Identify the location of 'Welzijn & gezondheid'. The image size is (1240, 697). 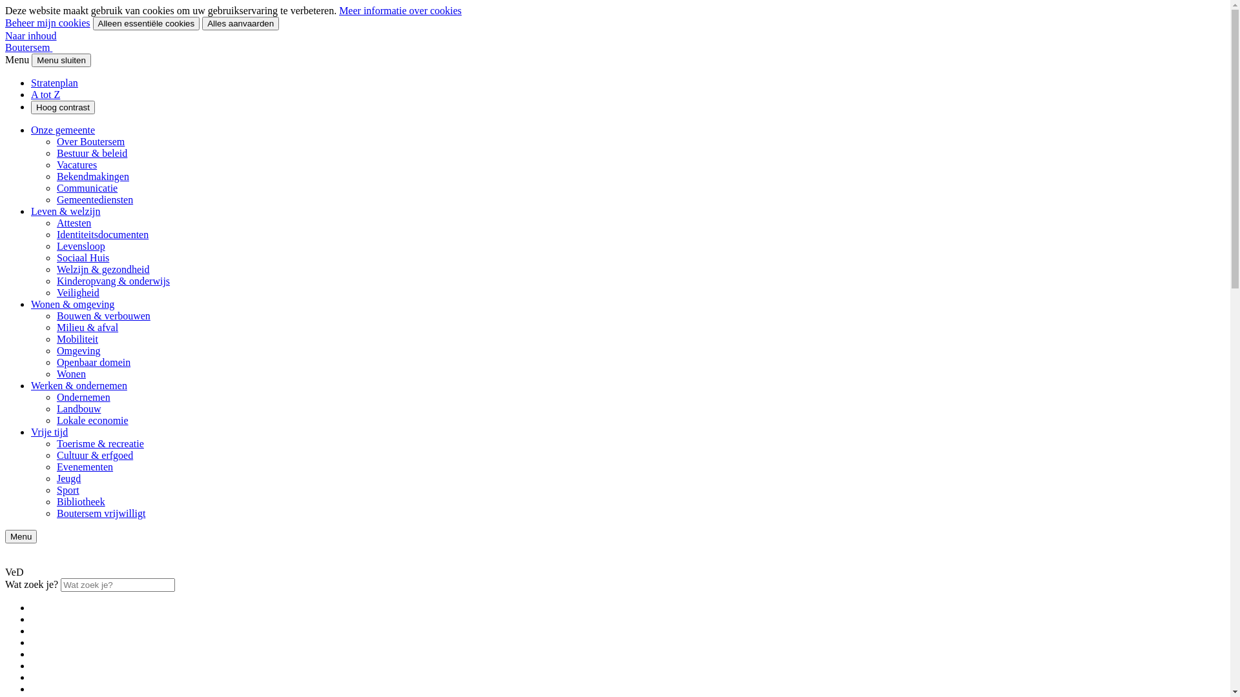
(102, 268).